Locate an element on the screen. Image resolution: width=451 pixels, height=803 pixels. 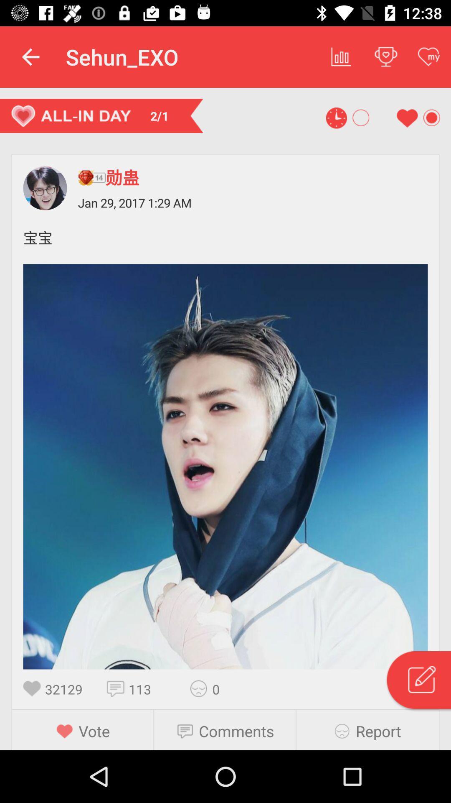
shows search icon is located at coordinates (418, 681).